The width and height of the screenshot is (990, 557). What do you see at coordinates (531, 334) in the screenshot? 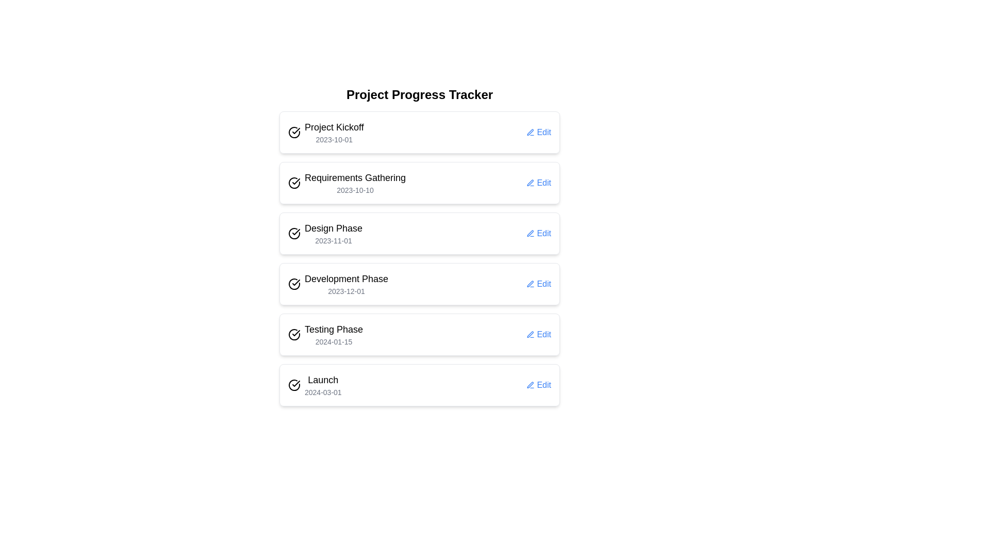
I see `the pen-shaped icon, which symbolizes editing functionality, located to the left of the 'Edit' text in the 'Testing Phase' row dated '2024-01-15', to initiate editing` at bounding box center [531, 334].